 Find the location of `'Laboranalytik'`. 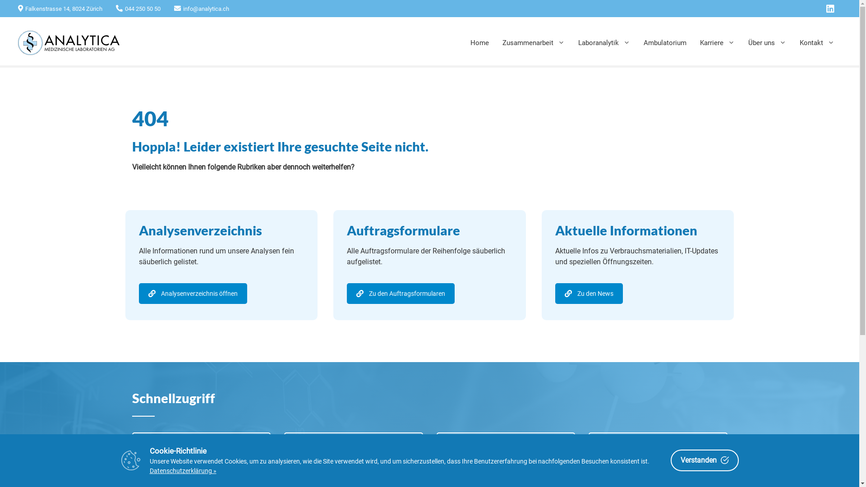

'Laboranalytik' is located at coordinates (604, 43).